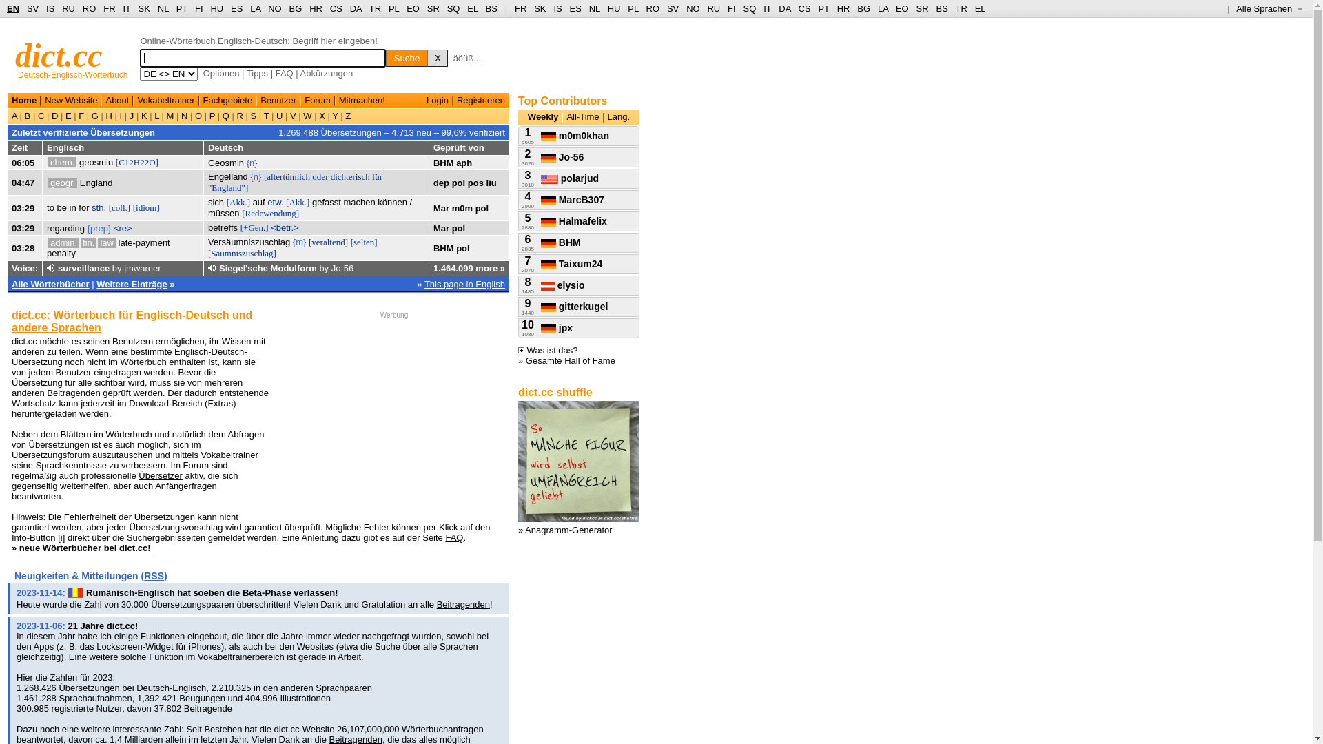  I want to click on 'G', so click(94, 115).